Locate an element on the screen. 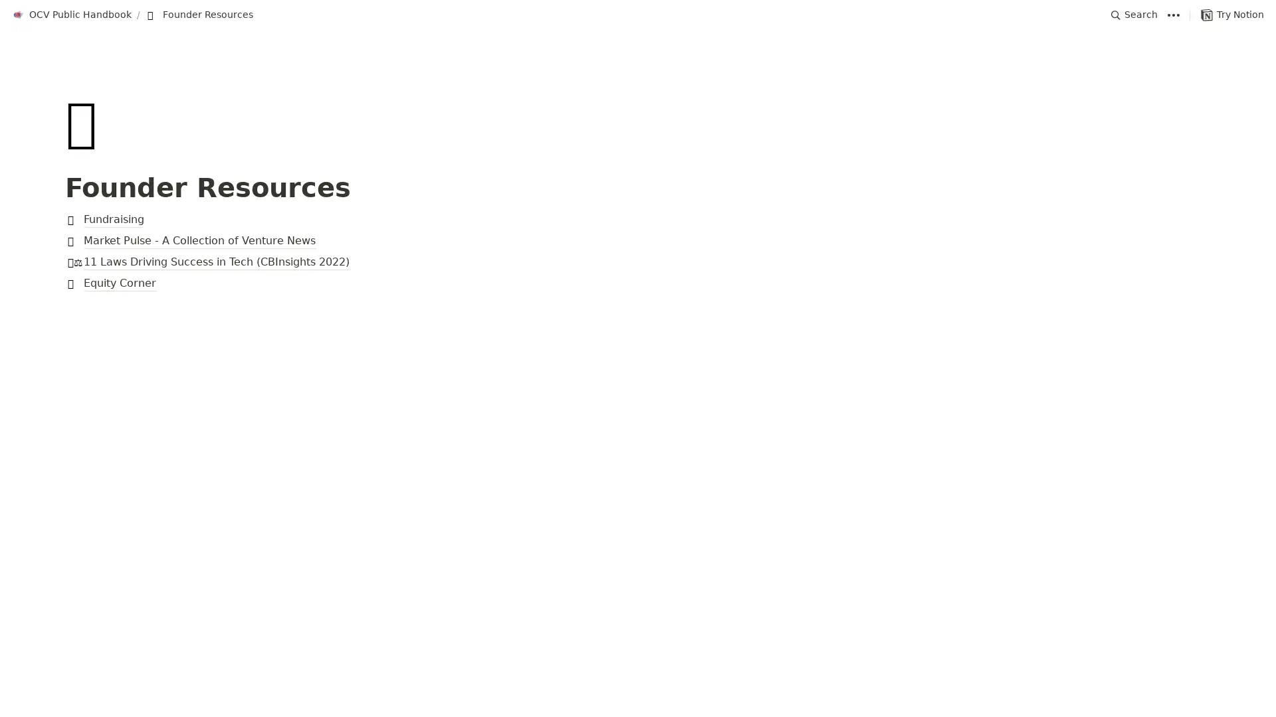 This screenshot has height=717, width=1276. OCV Public Handbook is located at coordinates (71, 15).